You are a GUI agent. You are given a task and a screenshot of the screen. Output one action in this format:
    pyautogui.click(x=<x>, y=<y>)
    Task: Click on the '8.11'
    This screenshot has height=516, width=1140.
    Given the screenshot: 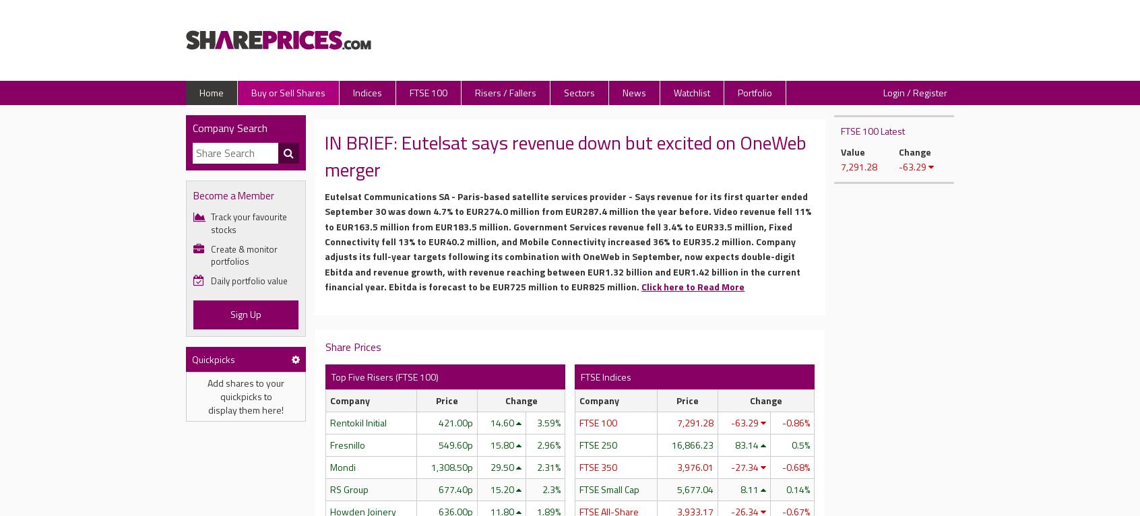 What is the action you would take?
    pyautogui.click(x=749, y=488)
    